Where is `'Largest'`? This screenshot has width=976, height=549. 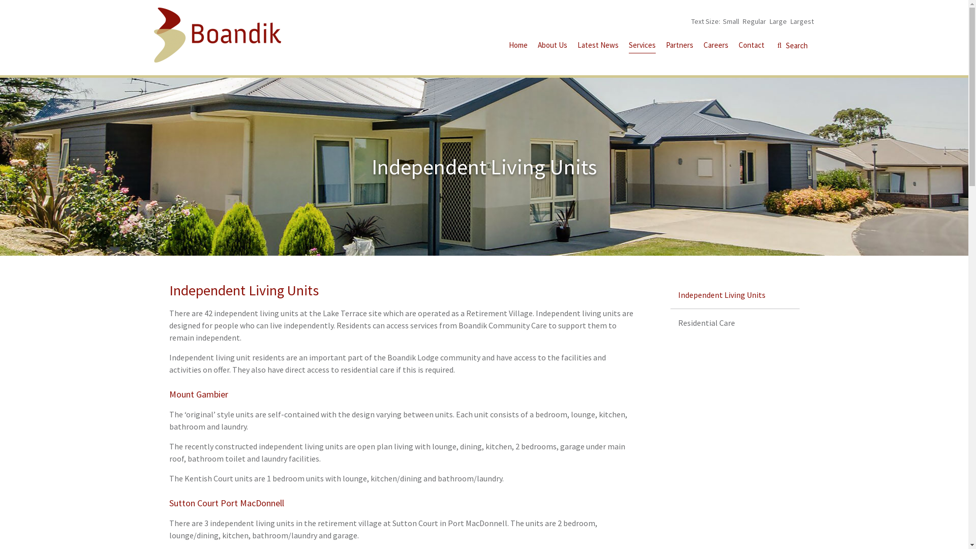 'Largest' is located at coordinates (801, 21).